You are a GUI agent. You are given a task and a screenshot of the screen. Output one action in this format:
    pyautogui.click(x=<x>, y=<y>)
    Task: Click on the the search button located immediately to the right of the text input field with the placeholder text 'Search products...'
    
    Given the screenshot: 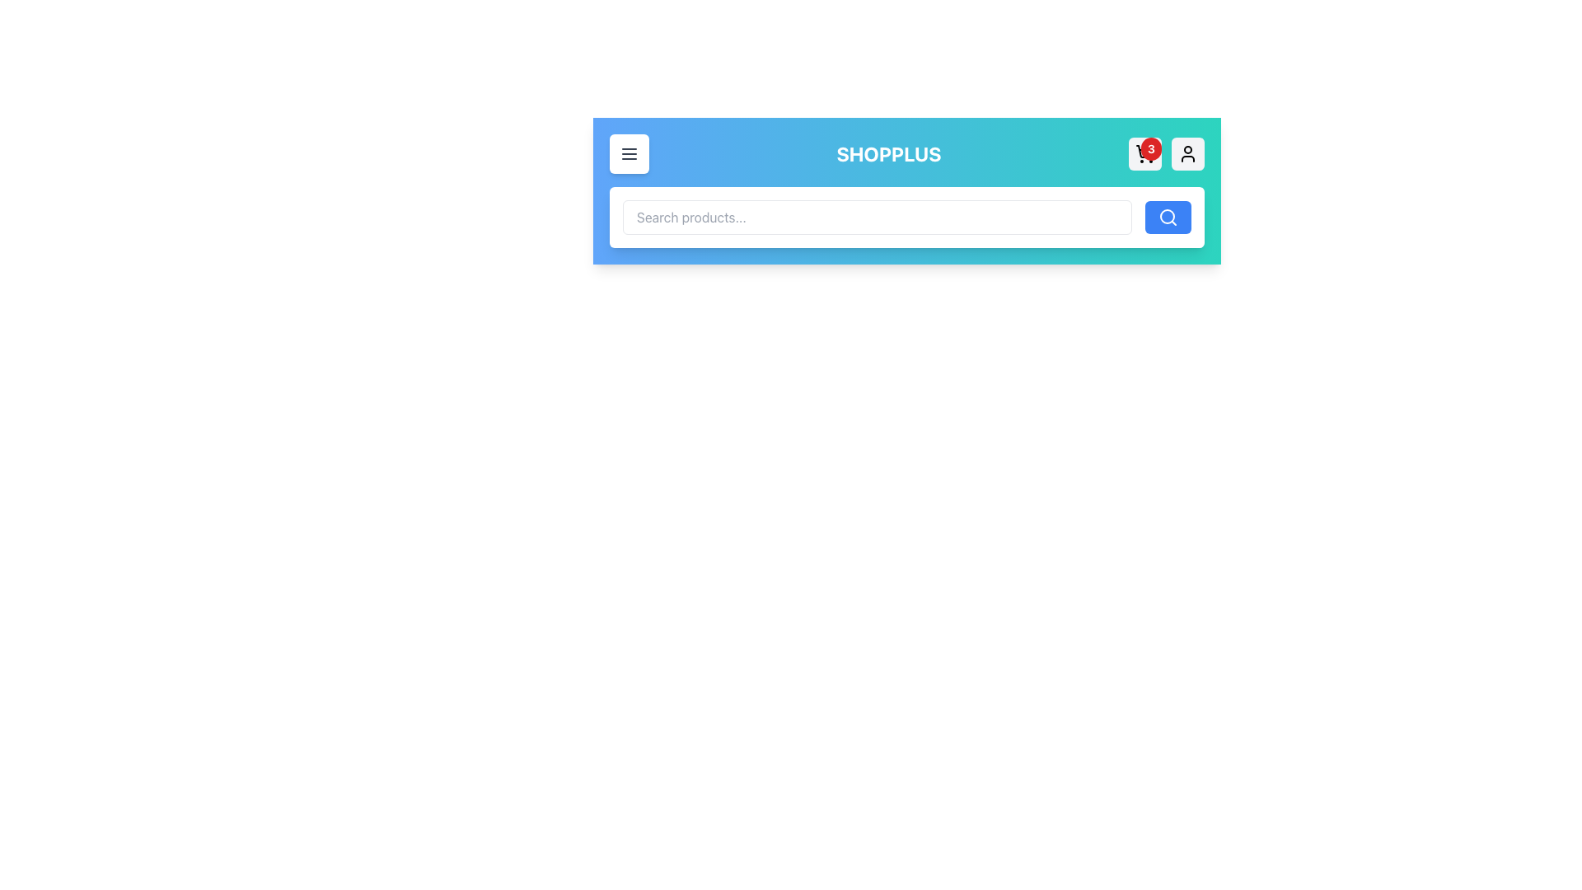 What is the action you would take?
    pyautogui.click(x=1167, y=216)
    